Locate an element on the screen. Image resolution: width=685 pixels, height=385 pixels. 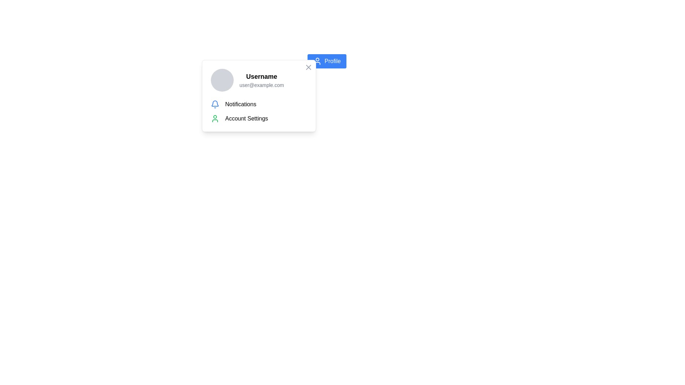
the circular profile image placeholder with a gray background, located on the left side of the interface is located at coordinates (222, 80).